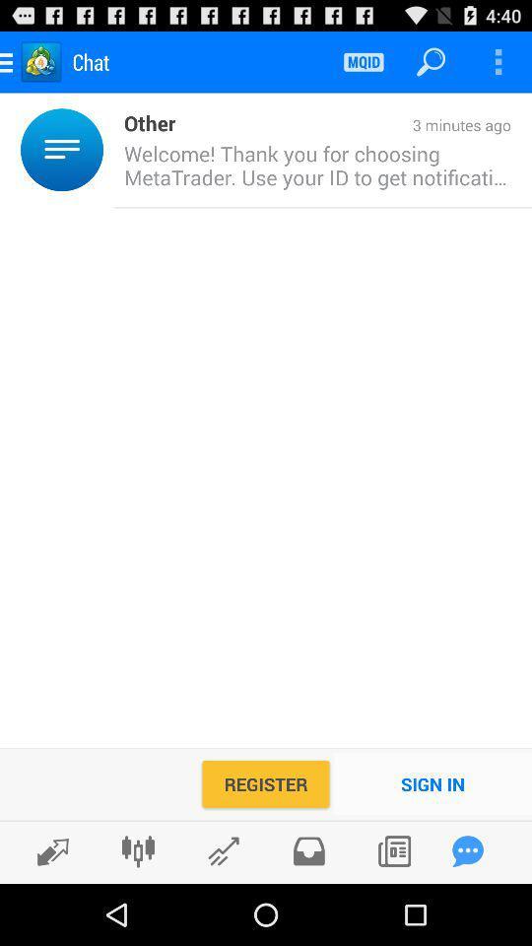  What do you see at coordinates (137, 911) in the screenshot?
I see `the sliders icon` at bounding box center [137, 911].